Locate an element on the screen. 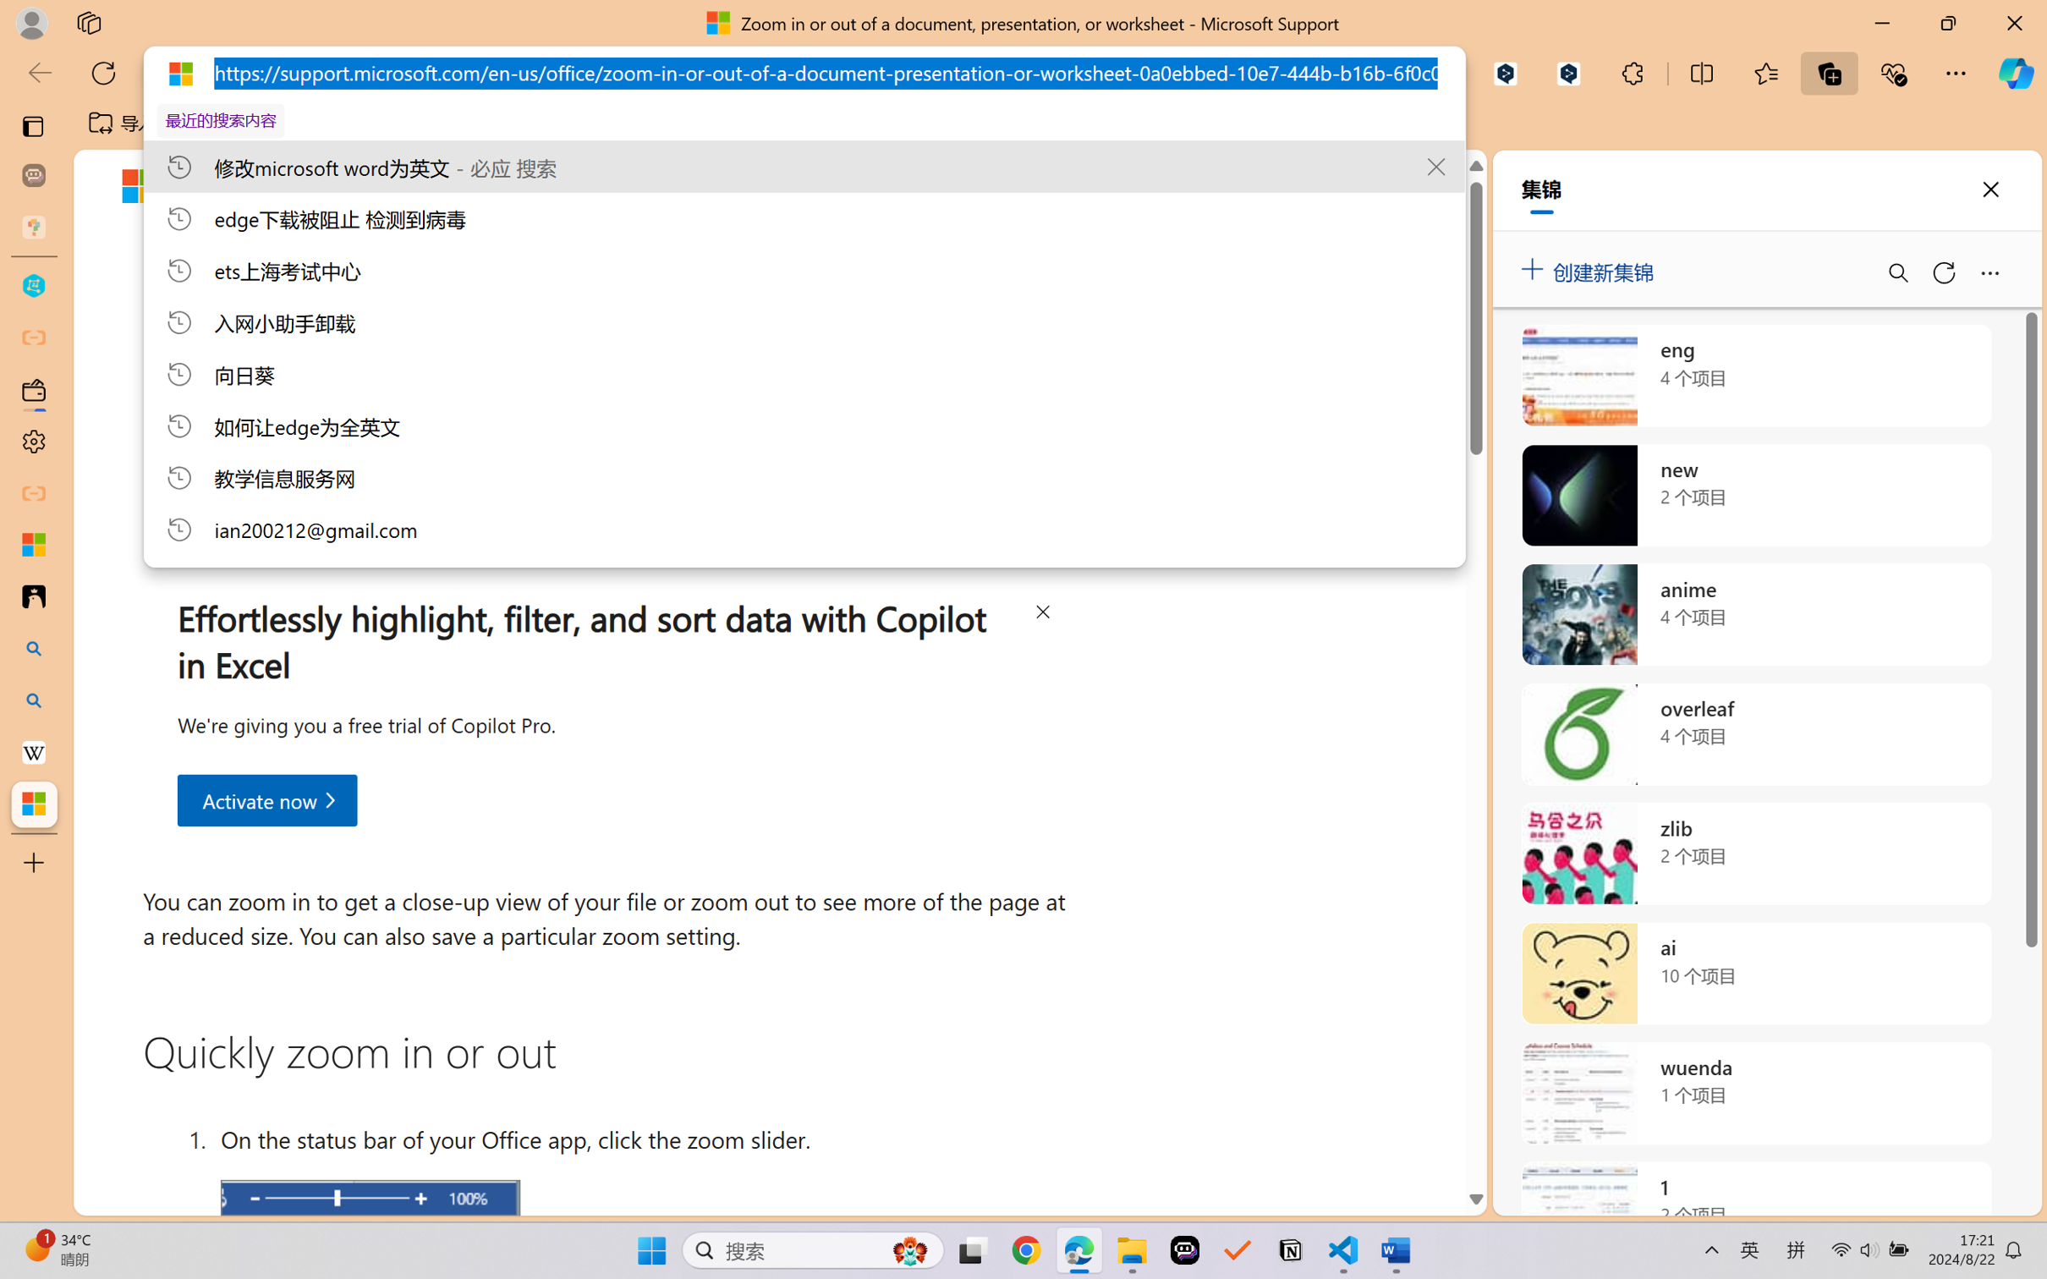 This screenshot has width=2047, height=1279. 'Zoom slider' is located at coordinates (369, 1199).